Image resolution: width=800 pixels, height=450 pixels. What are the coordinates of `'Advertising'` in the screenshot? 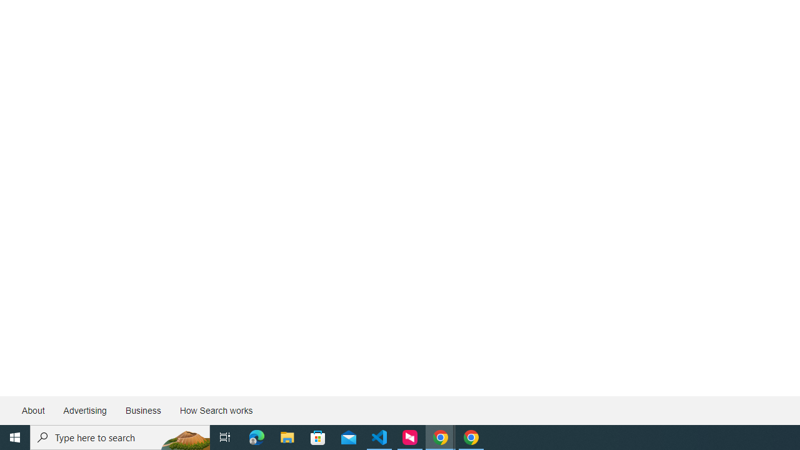 It's located at (84, 411).